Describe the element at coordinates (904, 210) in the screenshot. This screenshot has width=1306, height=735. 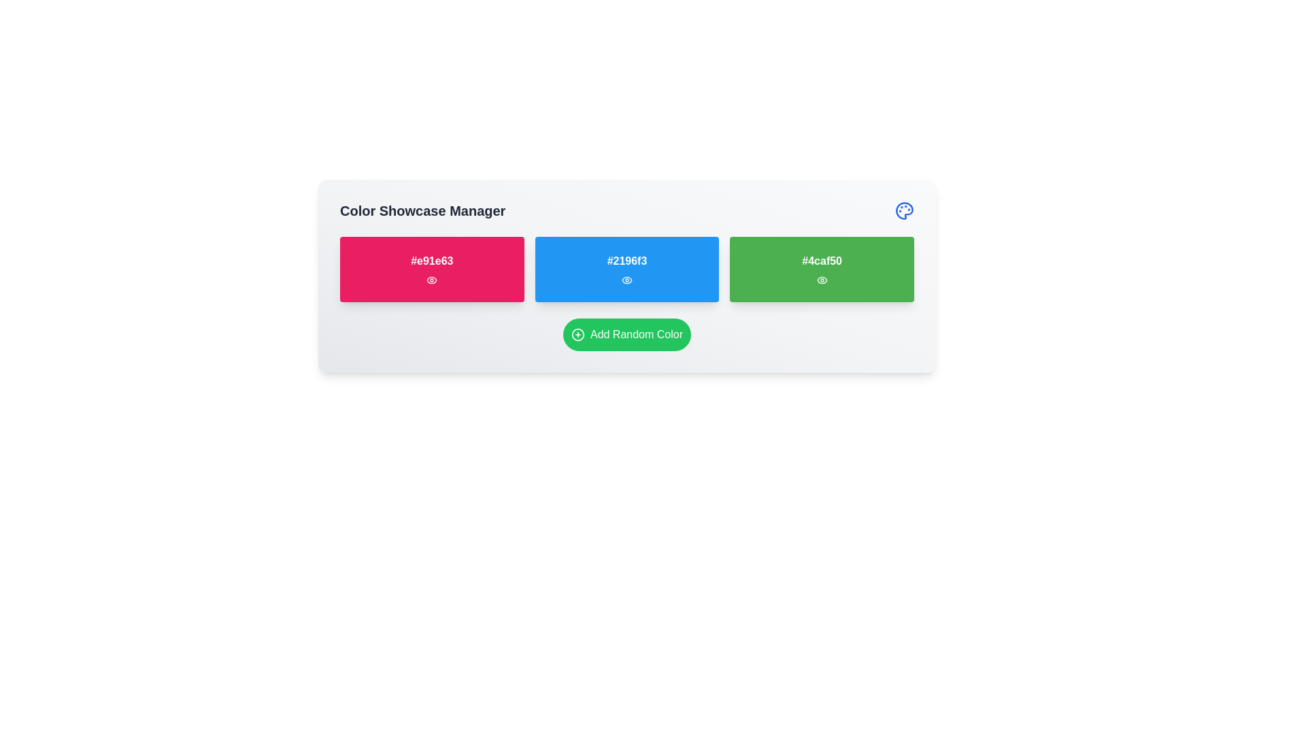
I see `the blue circular palette icon located in the top-right corner of the 'Color Showcase Manager' panel` at that location.